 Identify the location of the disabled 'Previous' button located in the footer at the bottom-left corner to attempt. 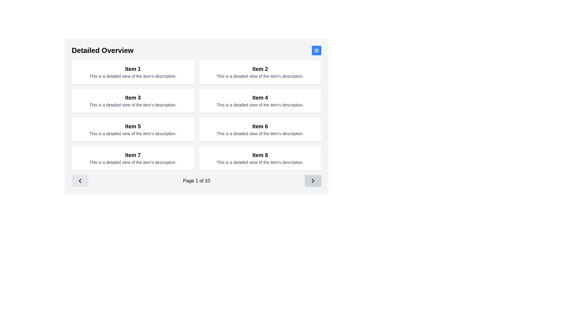
(80, 181).